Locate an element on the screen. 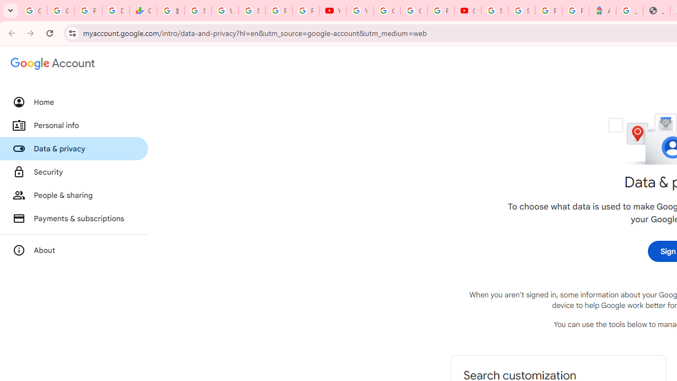  'Payments & subscriptions' is located at coordinates (74, 217).